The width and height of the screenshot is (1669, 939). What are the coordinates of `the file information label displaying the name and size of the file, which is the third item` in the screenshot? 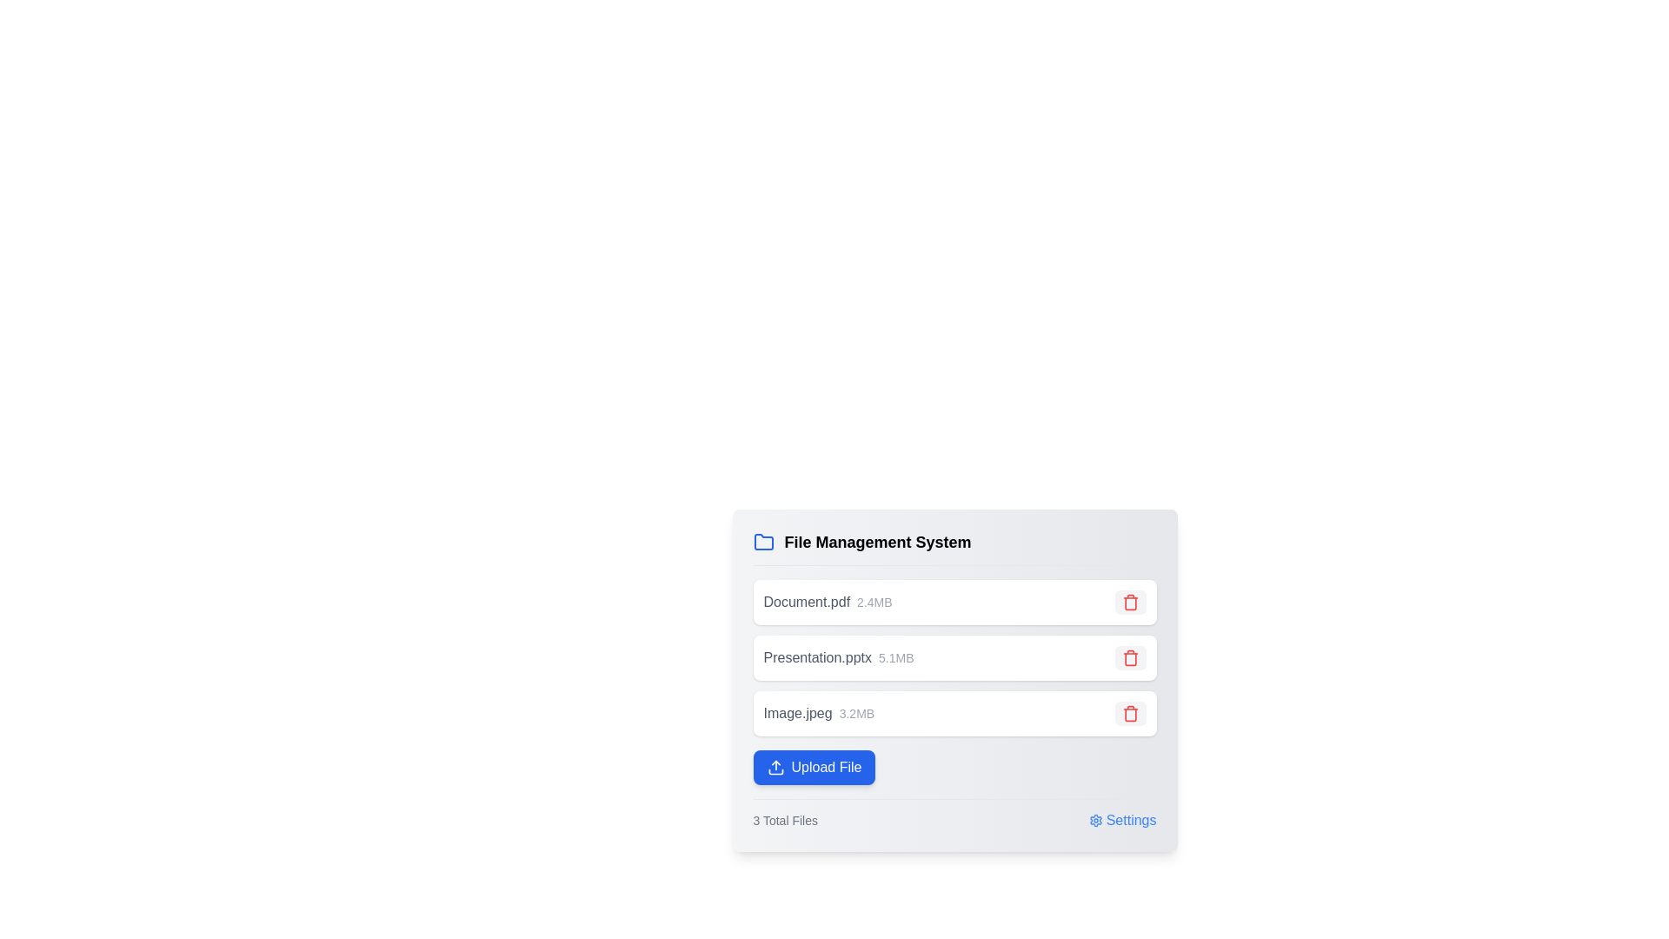 It's located at (817, 714).